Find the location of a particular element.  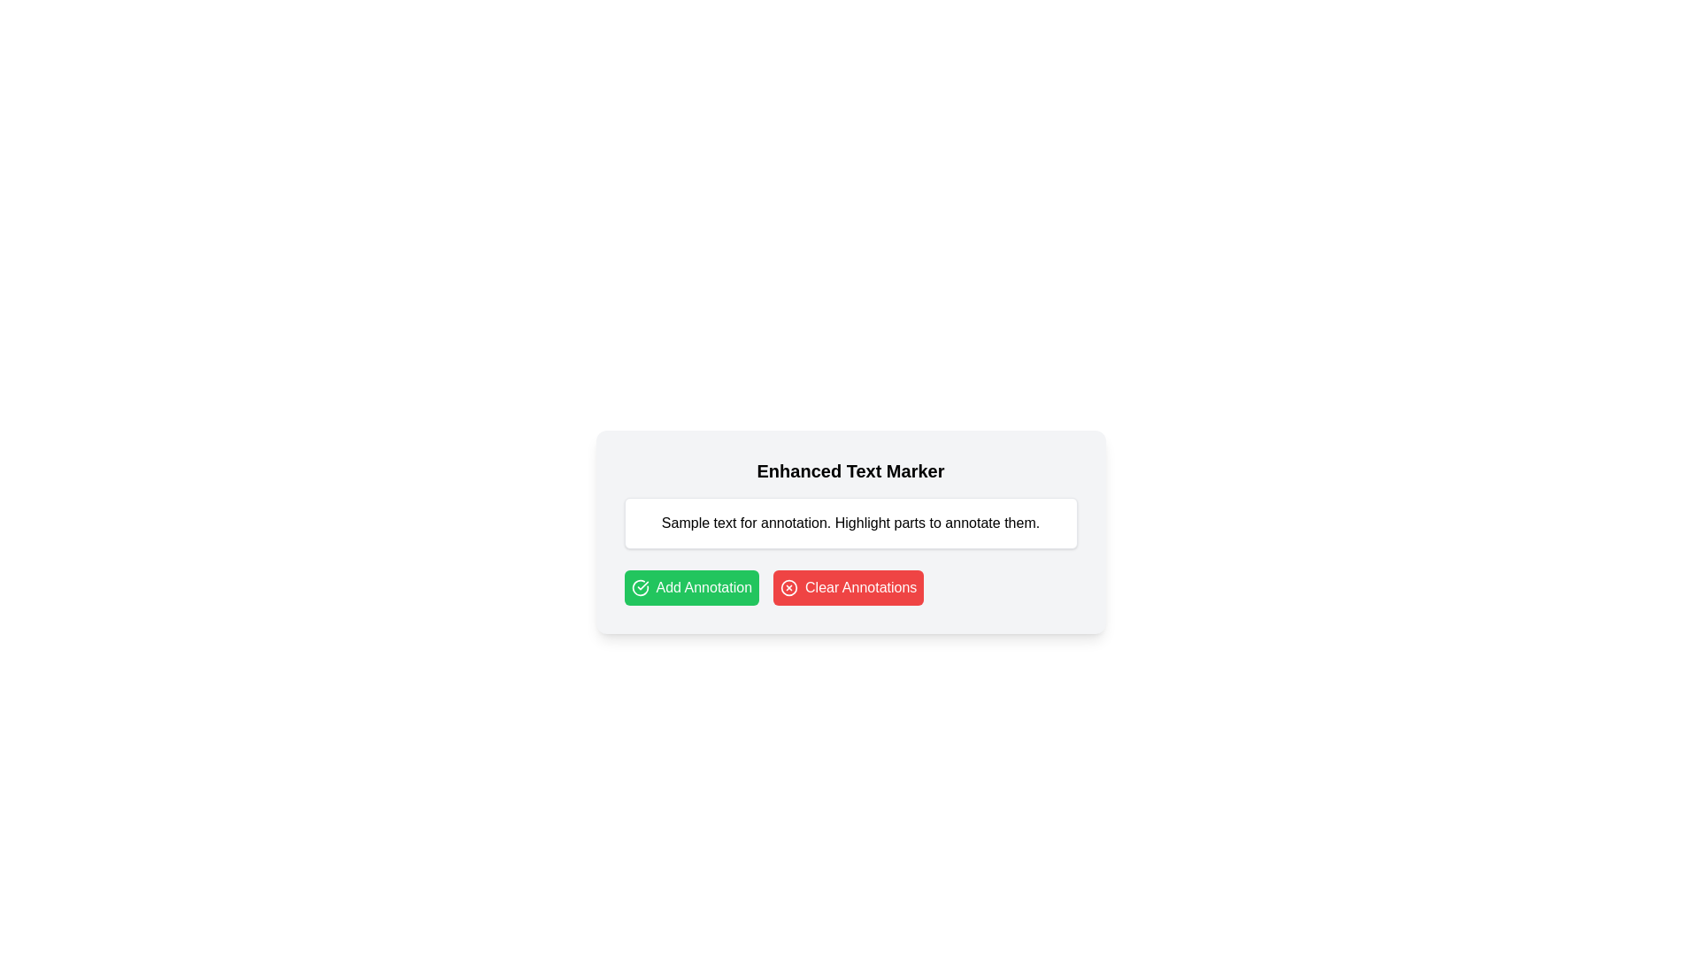

the lowercase letter 'n' which is the 26th character in the instructional text 'Sample text for annotation. Highlight parts to annotate them.' located within the text input field below the title 'Enhanced Text Marker.' is located at coordinates (822, 522).